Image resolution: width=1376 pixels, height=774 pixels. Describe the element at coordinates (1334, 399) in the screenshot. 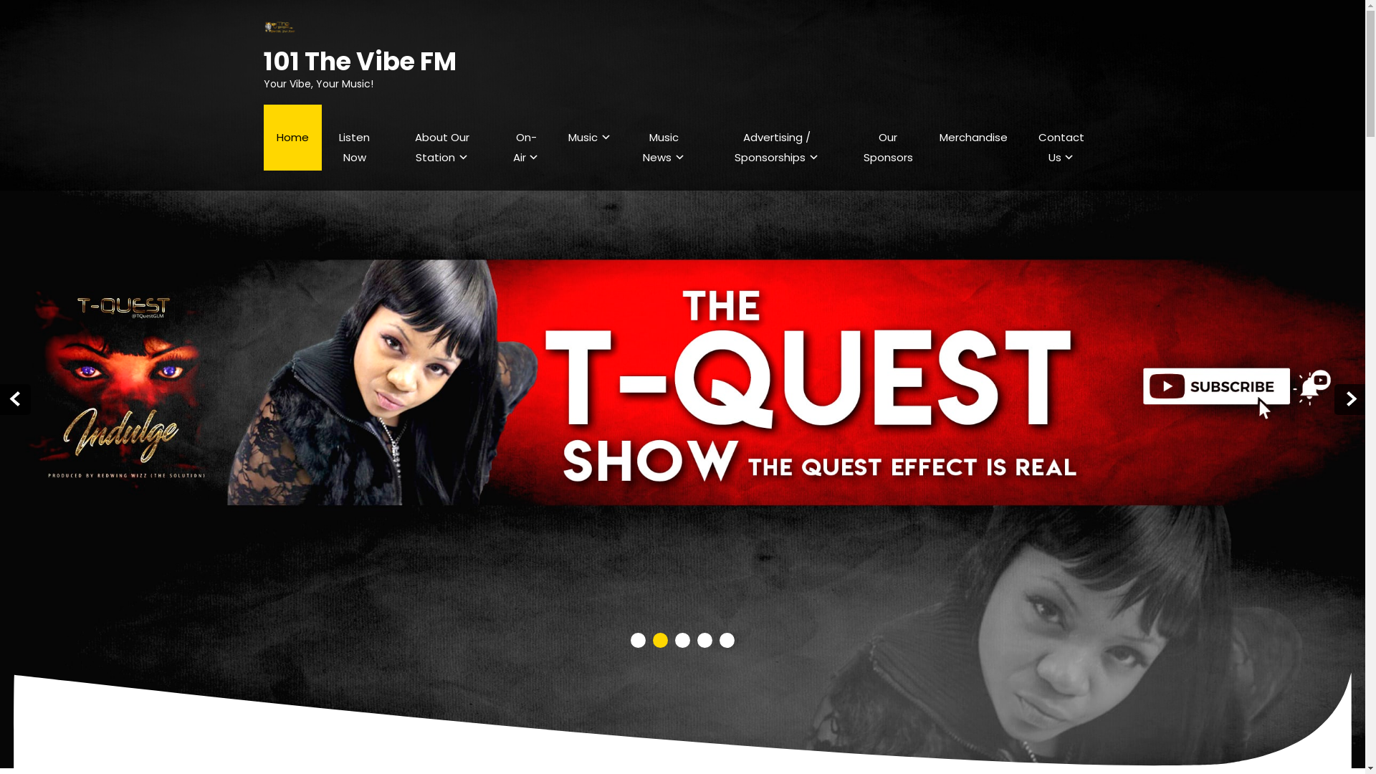

I see `'Next'` at that location.